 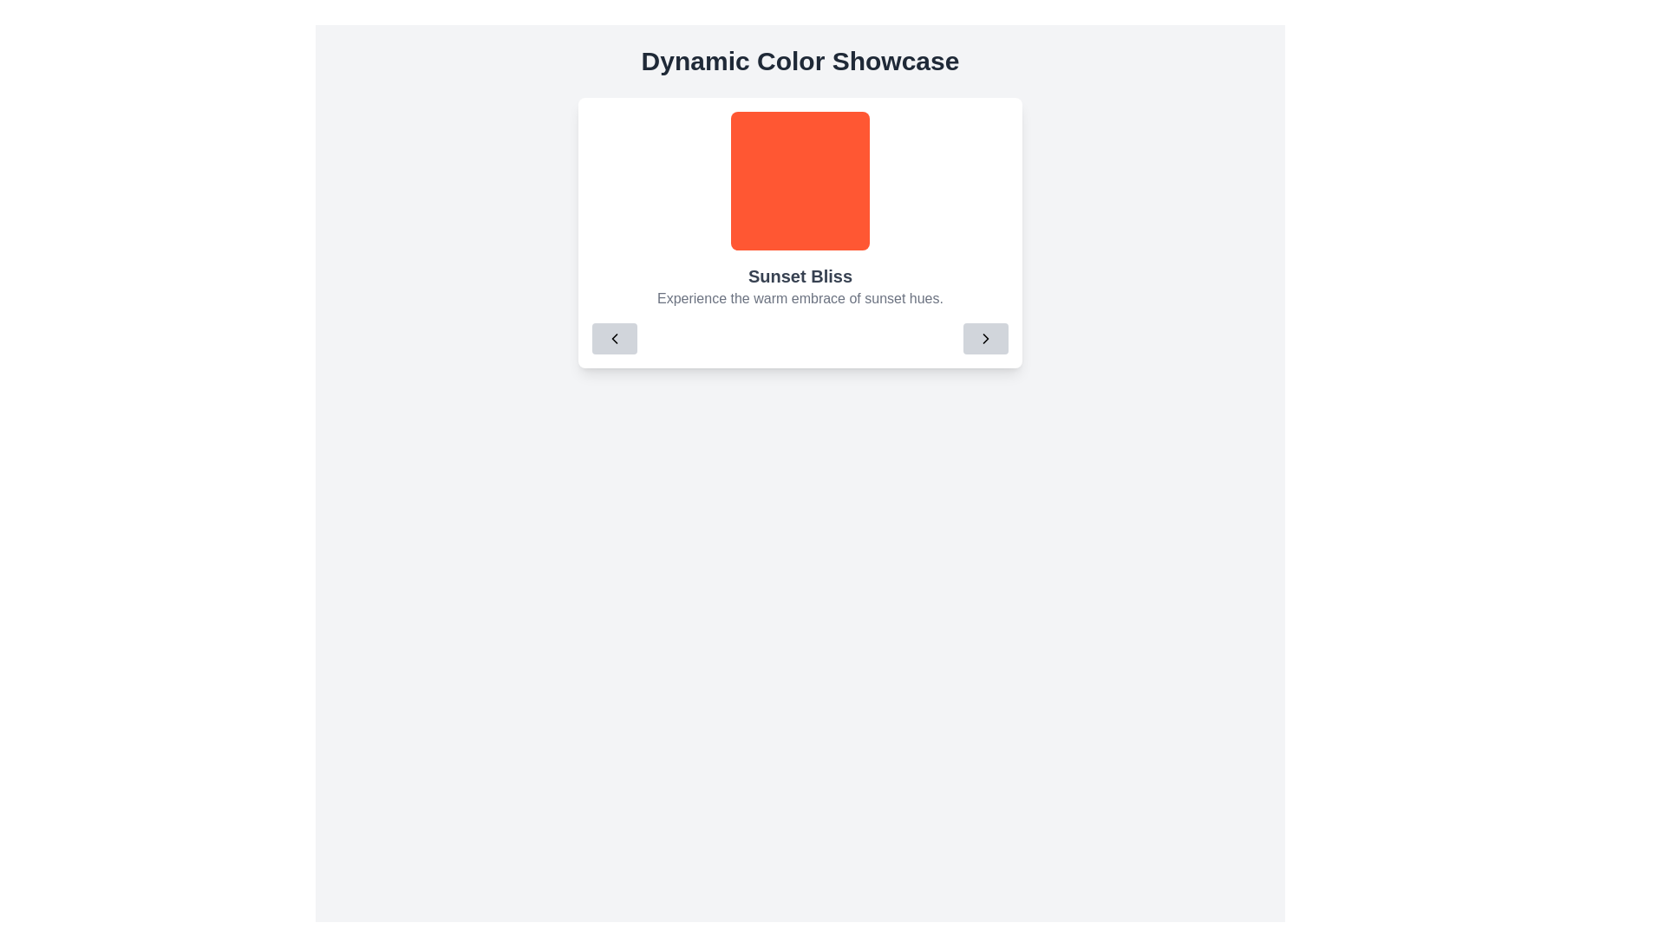 What do you see at coordinates (615, 338) in the screenshot?
I see `the leftward navigation indicator within the square button-like component located on the left side of the card` at bounding box center [615, 338].